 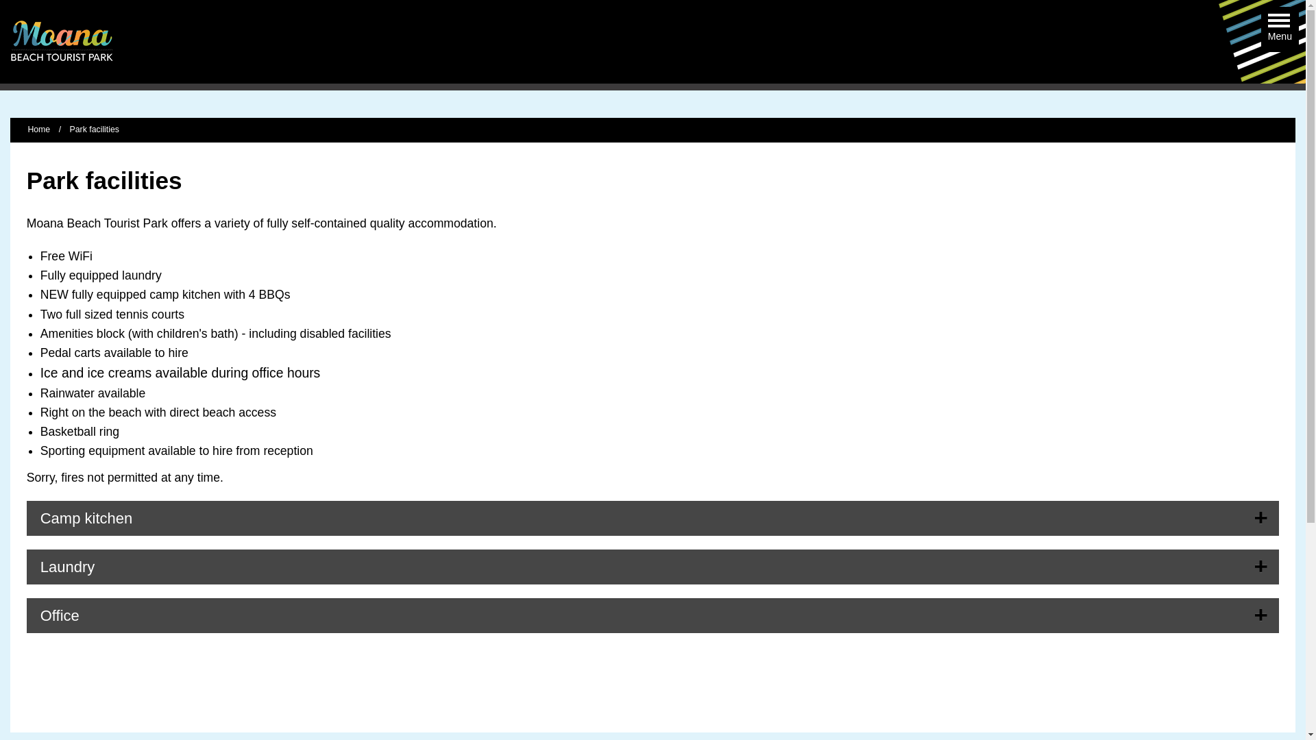 What do you see at coordinates (61, 41) in the screenshot?
I see `'Home - Moana Beach Tourist Park - Logo'` at bounding box center [61, 41].